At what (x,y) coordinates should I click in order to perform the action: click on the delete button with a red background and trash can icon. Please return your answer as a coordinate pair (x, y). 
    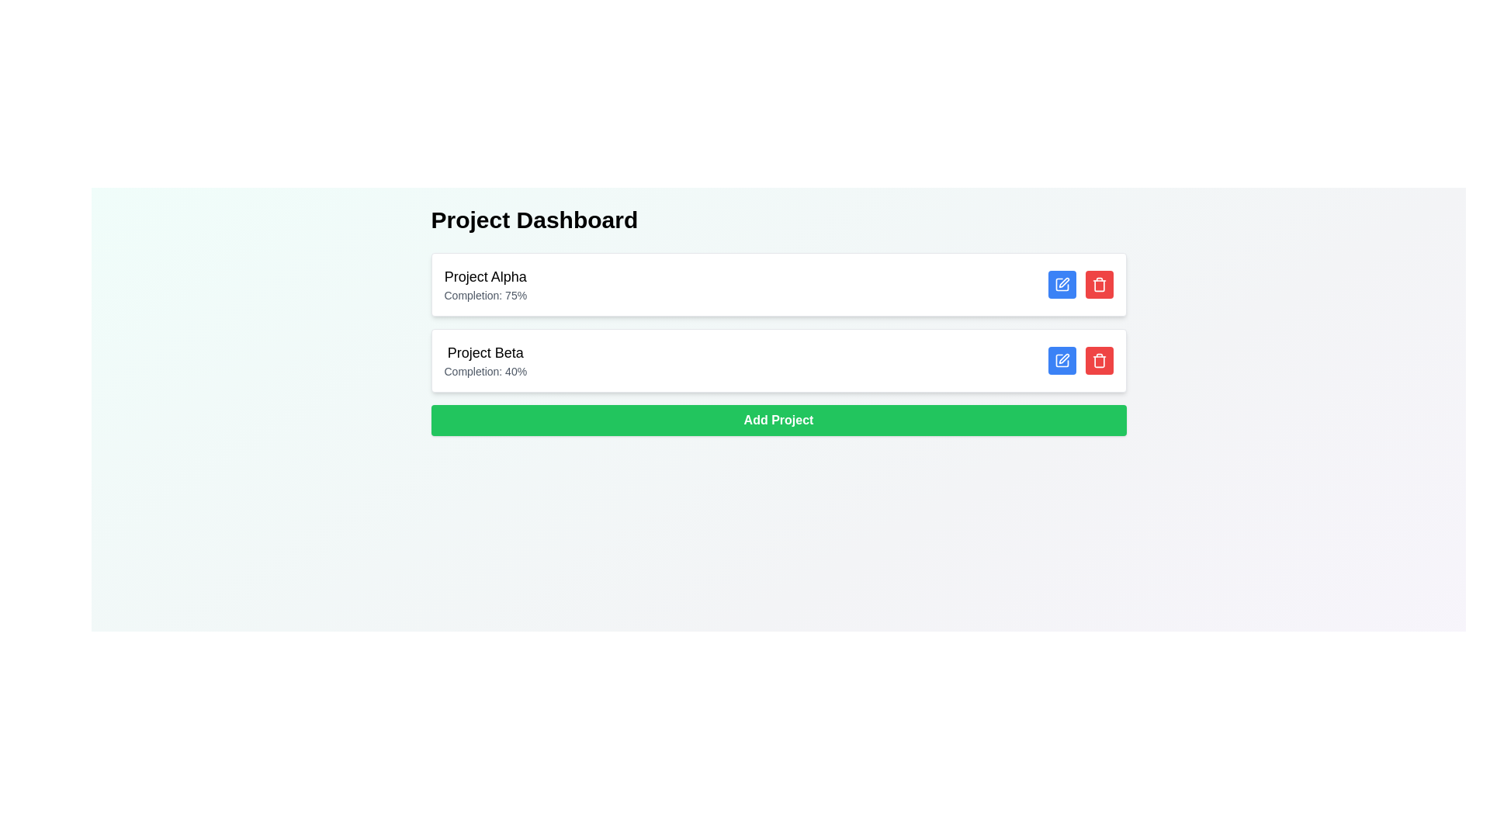
    Looking at the image, I should click on (1098, 361).